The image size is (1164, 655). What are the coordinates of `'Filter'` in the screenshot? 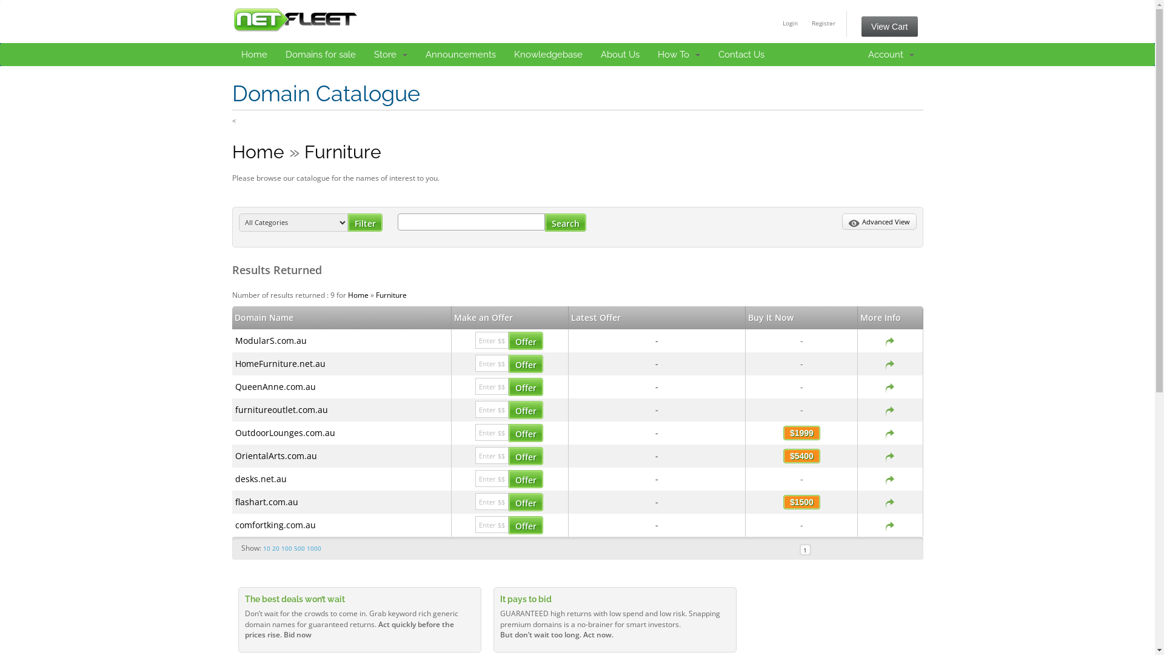 It's located at (364, 222).